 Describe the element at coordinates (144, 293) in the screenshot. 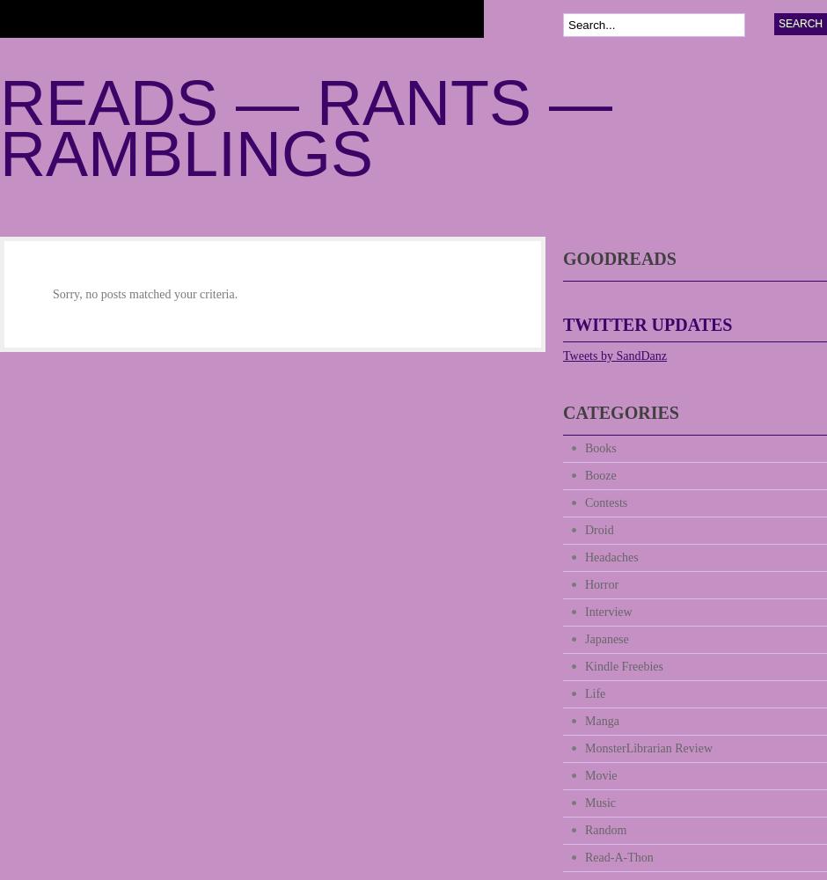

I see `'Sorry, no posts matched your criteria.'` at that location.